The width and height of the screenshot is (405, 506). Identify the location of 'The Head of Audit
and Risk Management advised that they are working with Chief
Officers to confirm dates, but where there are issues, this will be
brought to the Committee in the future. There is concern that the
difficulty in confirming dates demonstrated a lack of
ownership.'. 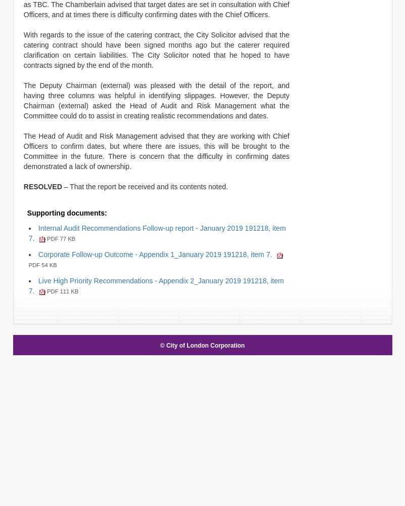
(156, 151).